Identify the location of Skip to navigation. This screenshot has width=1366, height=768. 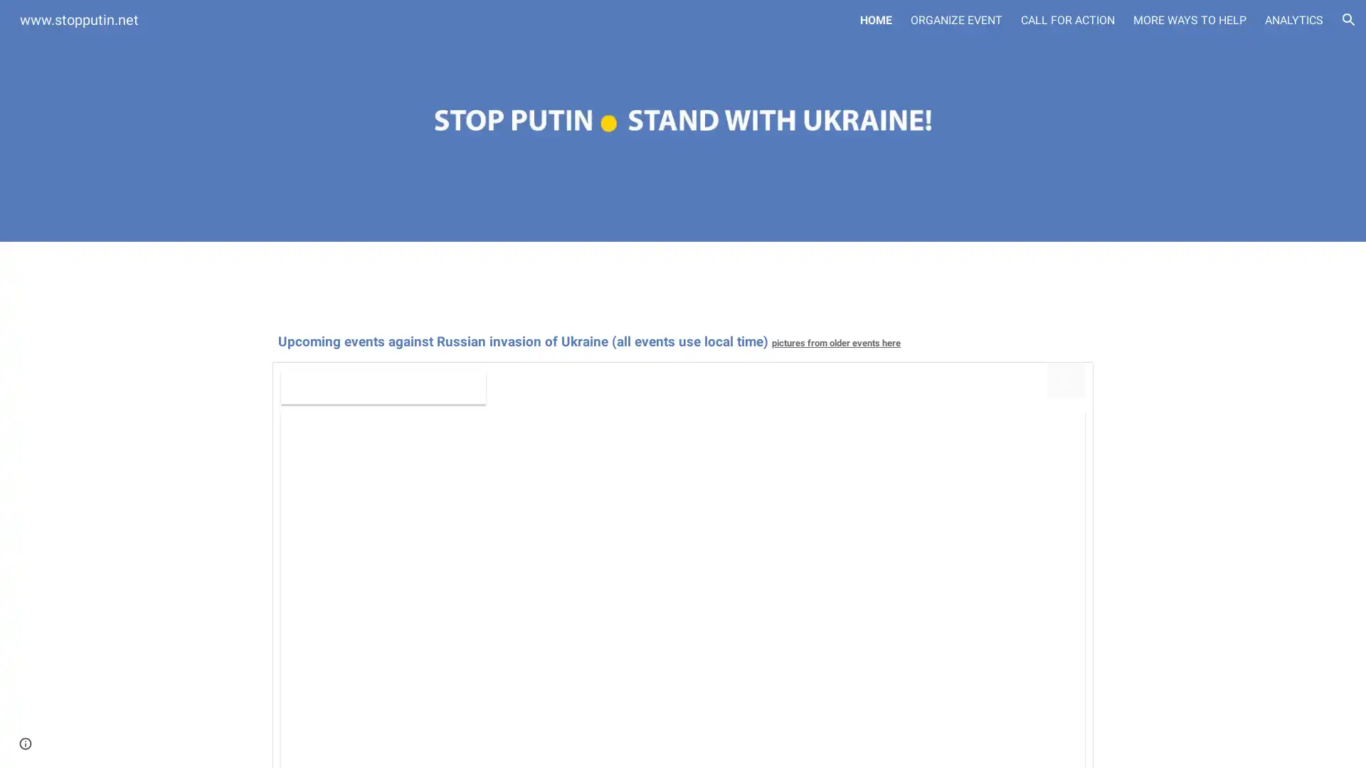
(810, 26).